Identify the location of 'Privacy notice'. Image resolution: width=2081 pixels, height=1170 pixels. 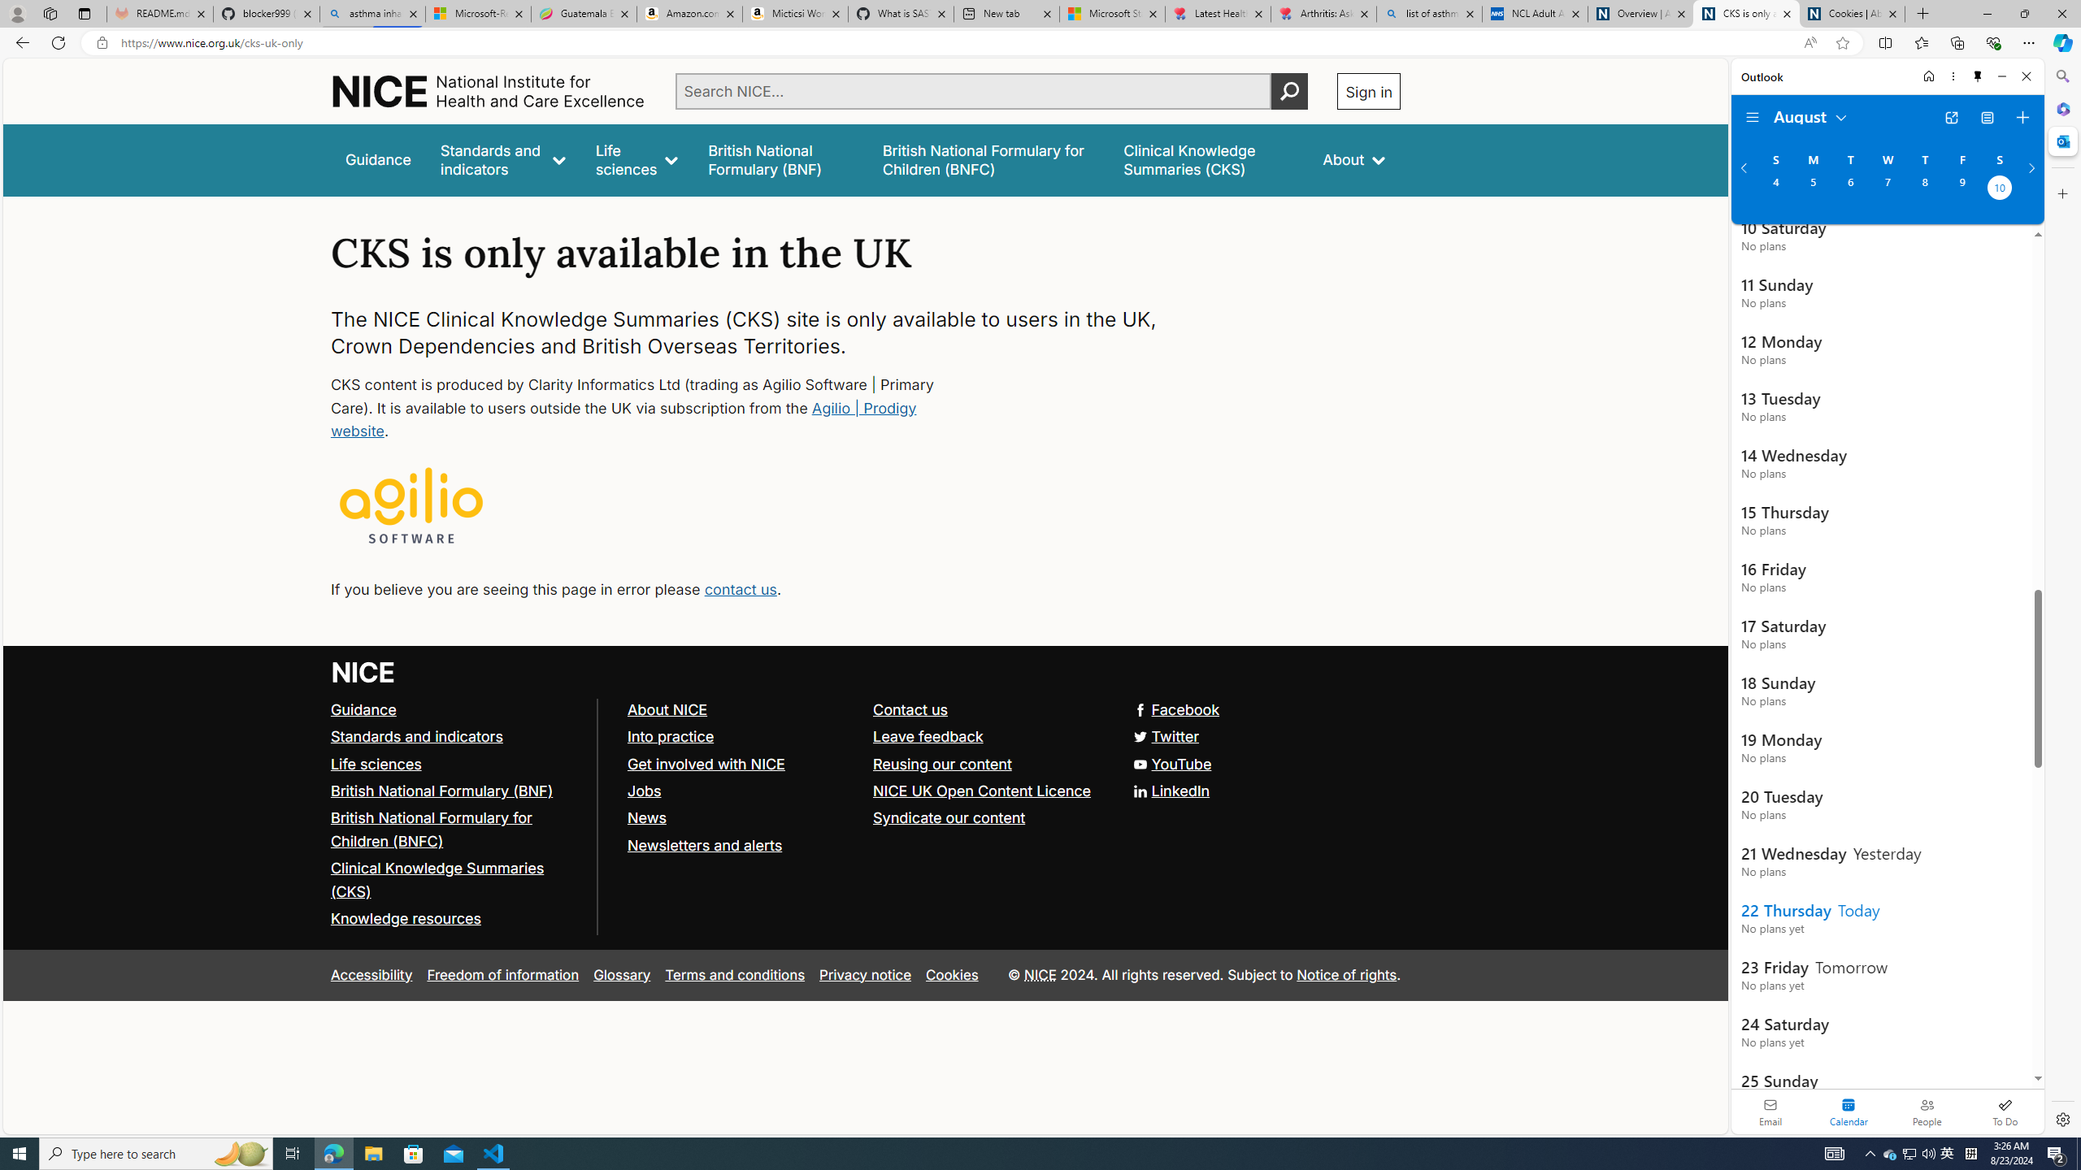
(864, 974).